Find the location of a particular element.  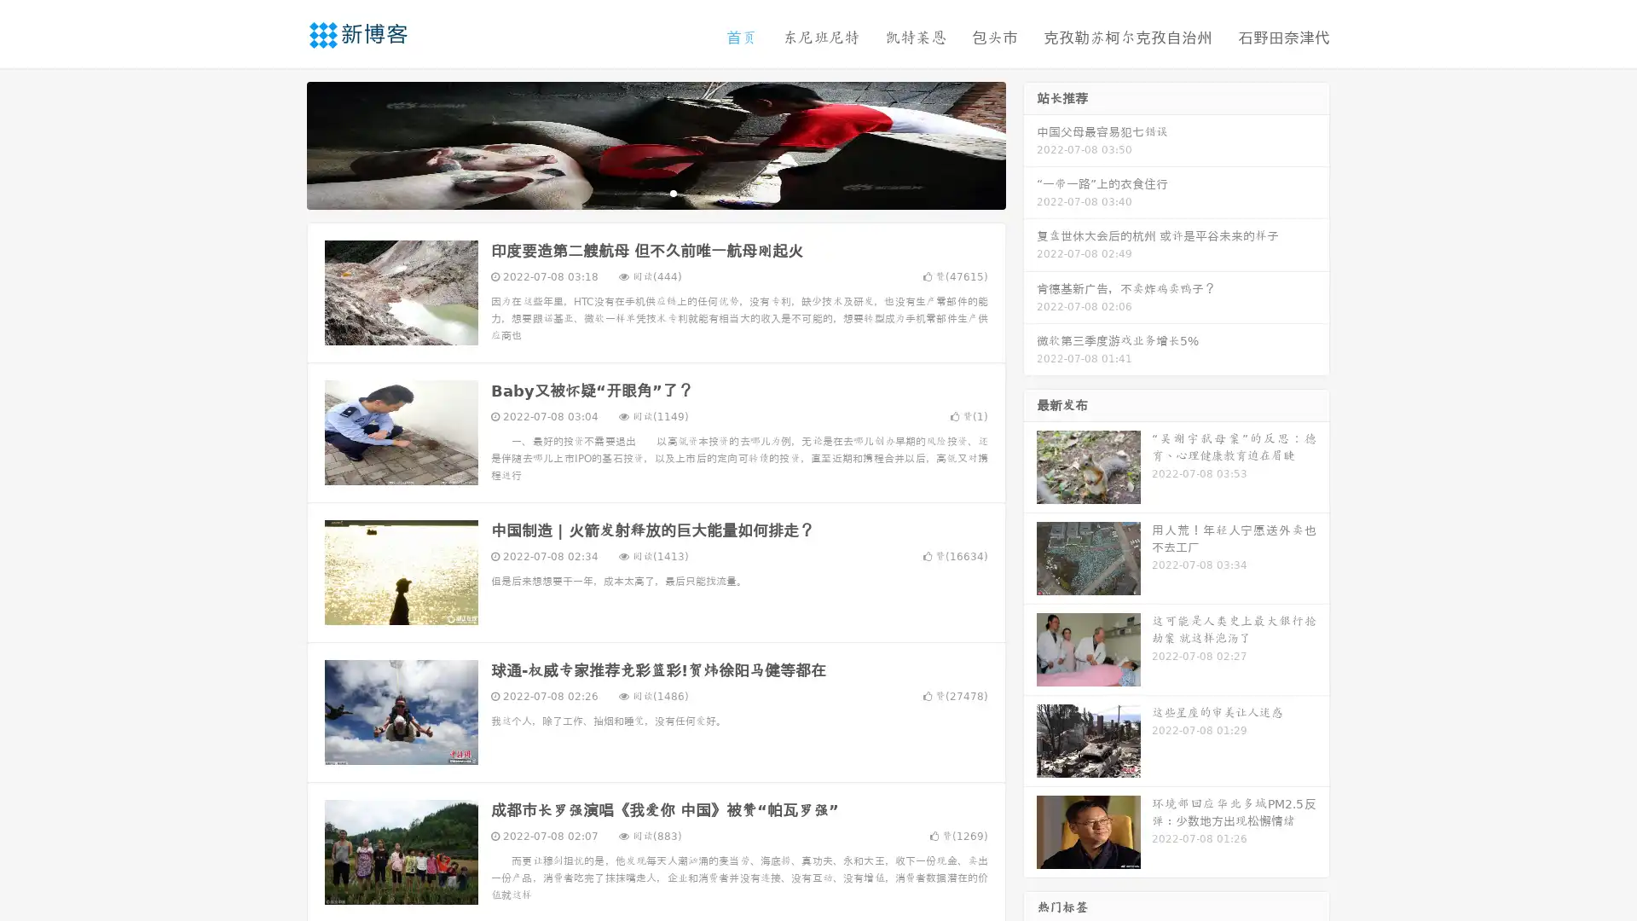

Go to slide 2 is located at coordinates (655, 192).